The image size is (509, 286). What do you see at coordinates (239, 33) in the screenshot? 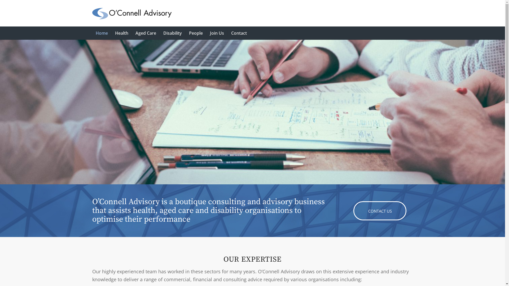
I see `'Contact'` at bounding box center [239, 33].